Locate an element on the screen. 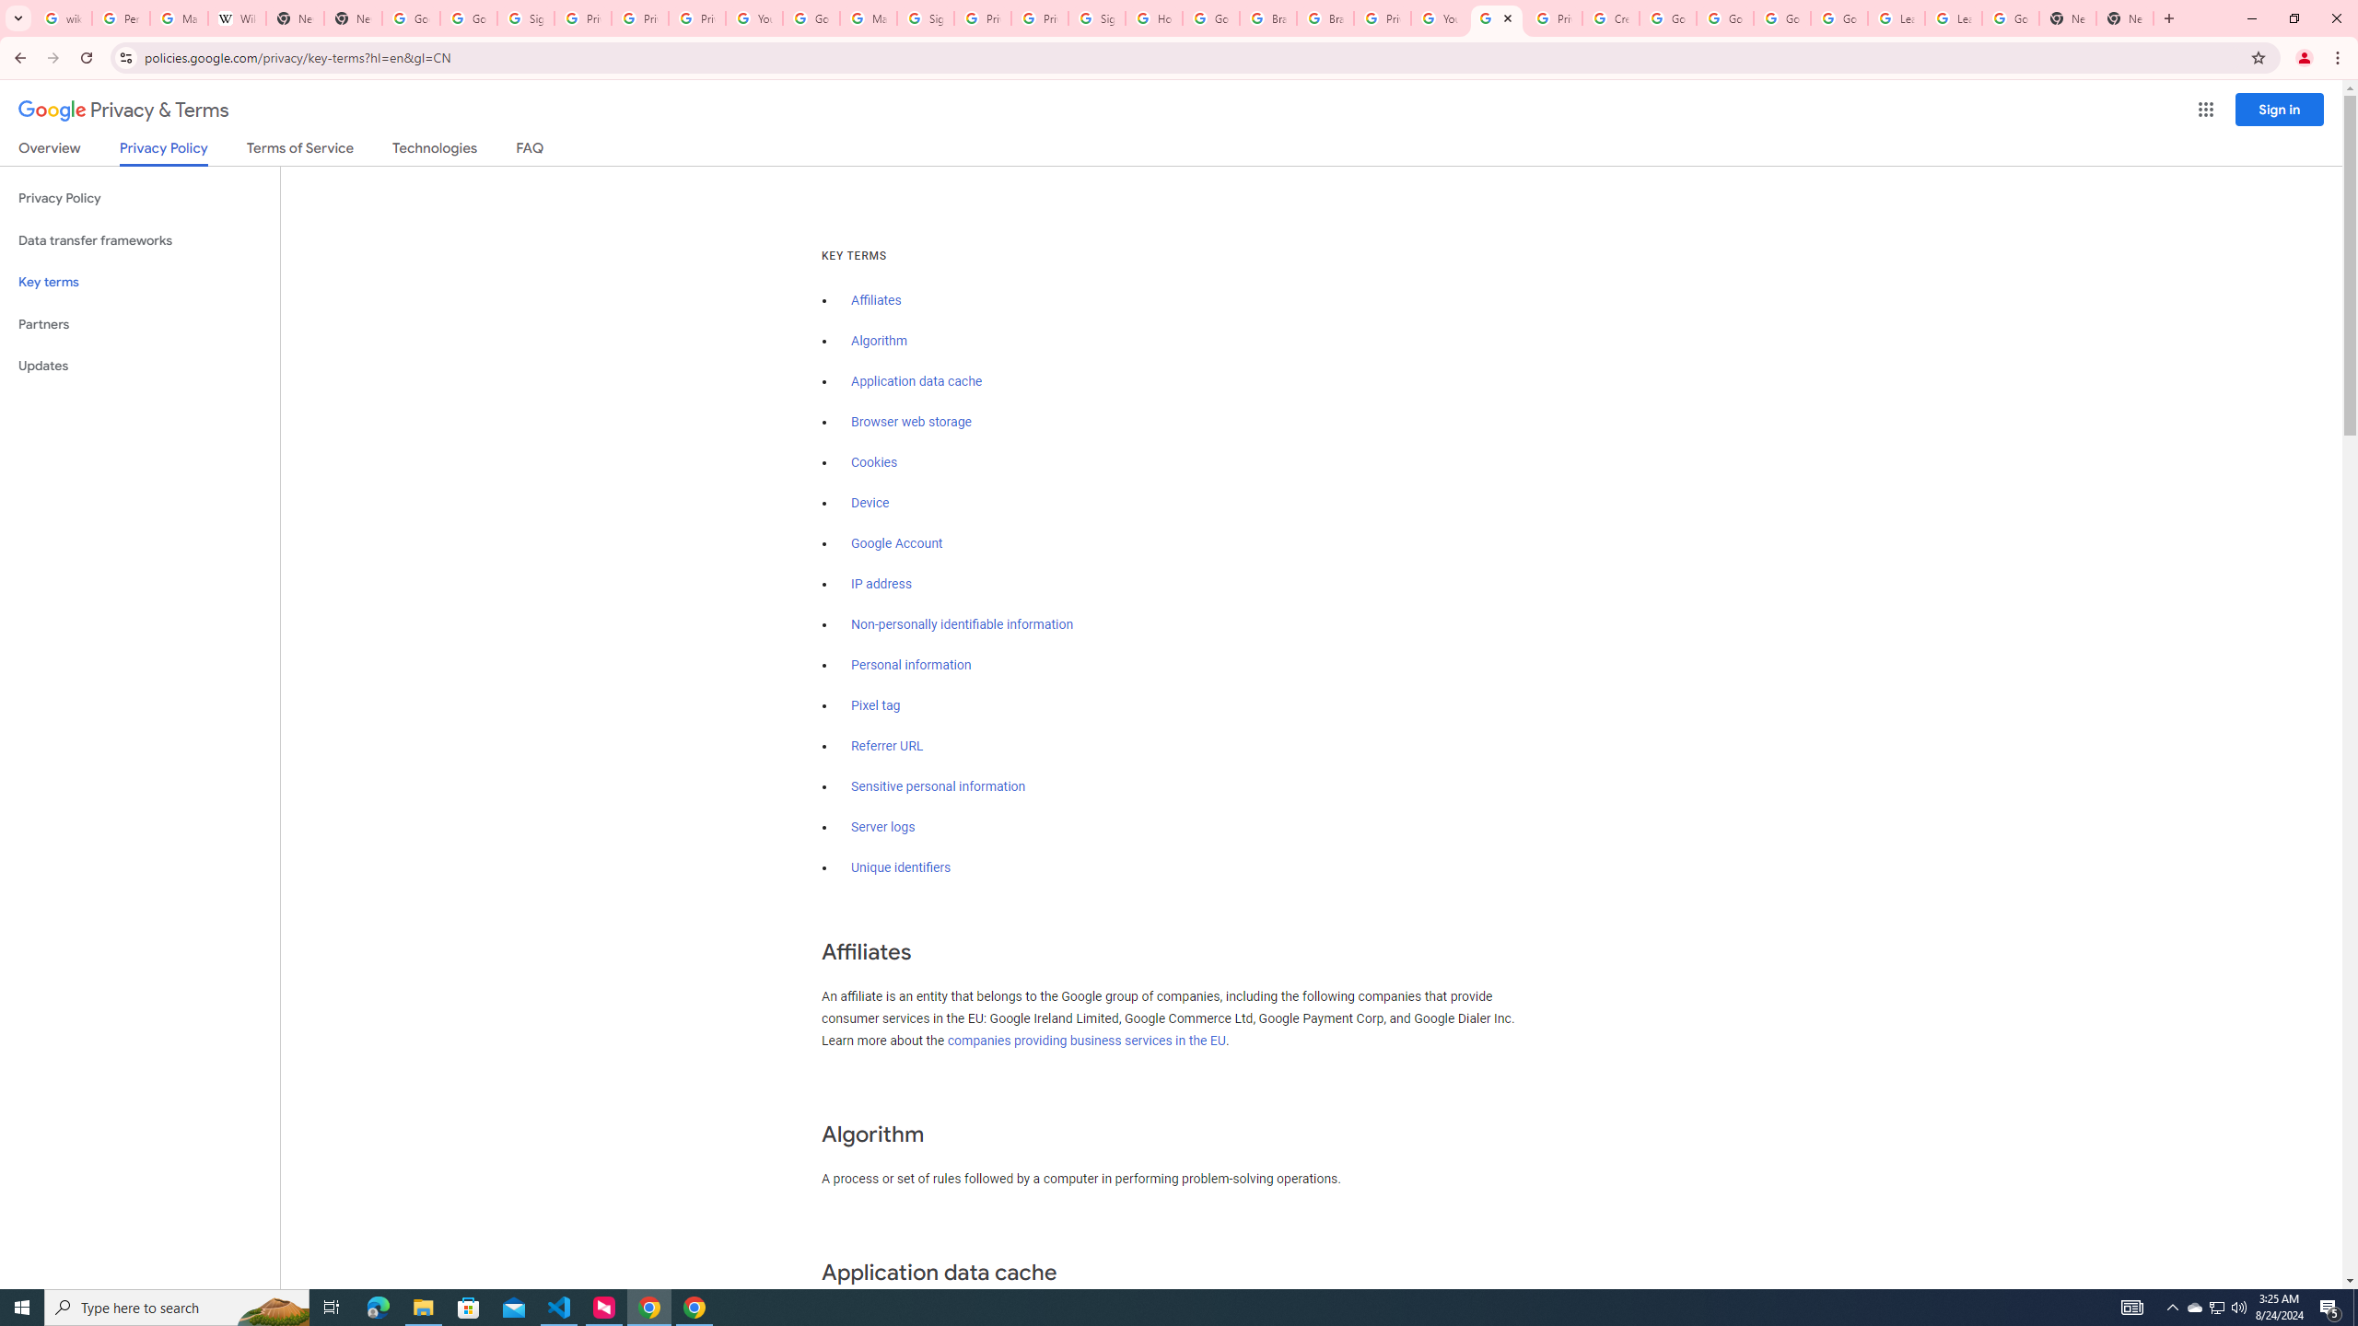 The height and width of the screenshot is (1326, 2358). 'Google Account Help' is located at coordinates (1723, 17).